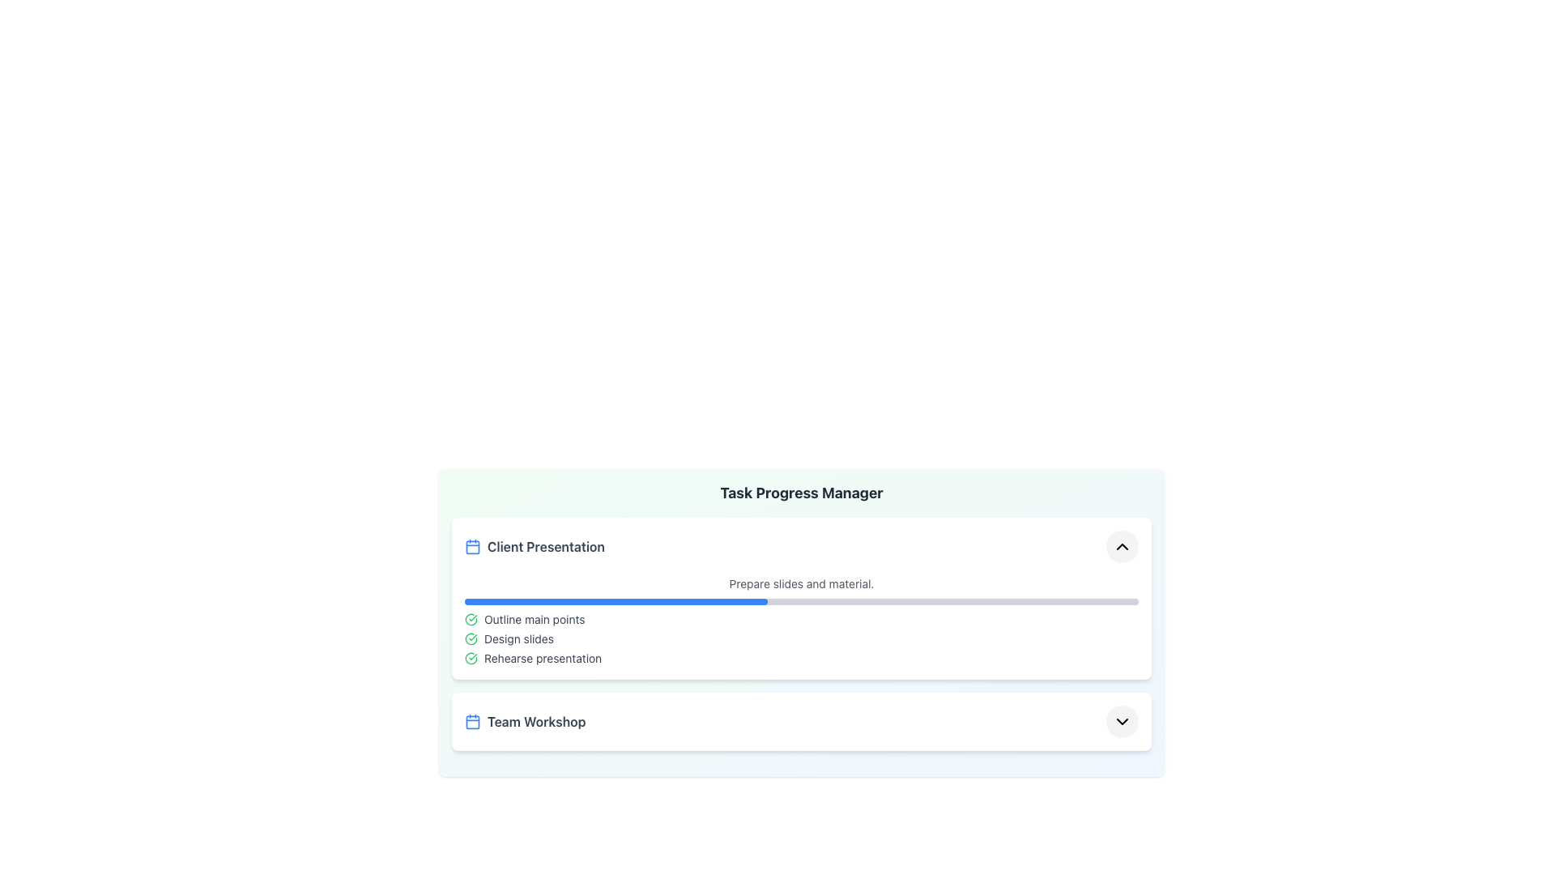 This screenshot has height=875, width=1555. What do you see at coordinates (470, 638) in the screenshot?
I see `the status indicator icon for the task 'Design slides'` at bounding box center [470, 638].